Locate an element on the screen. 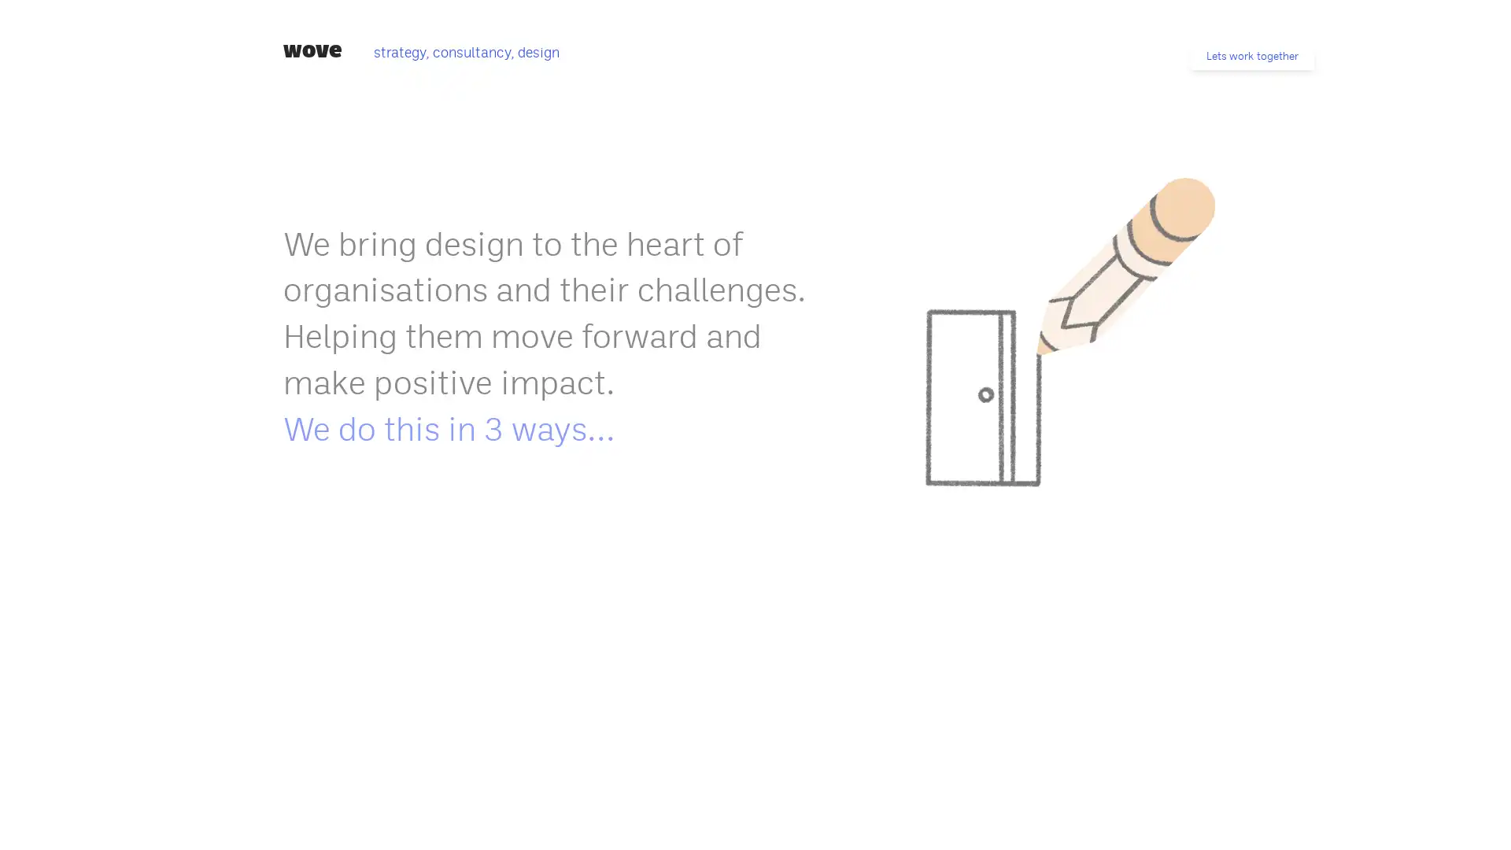 The image size is (1511, 850). Lets work together is located at coordinates (1251, 55).